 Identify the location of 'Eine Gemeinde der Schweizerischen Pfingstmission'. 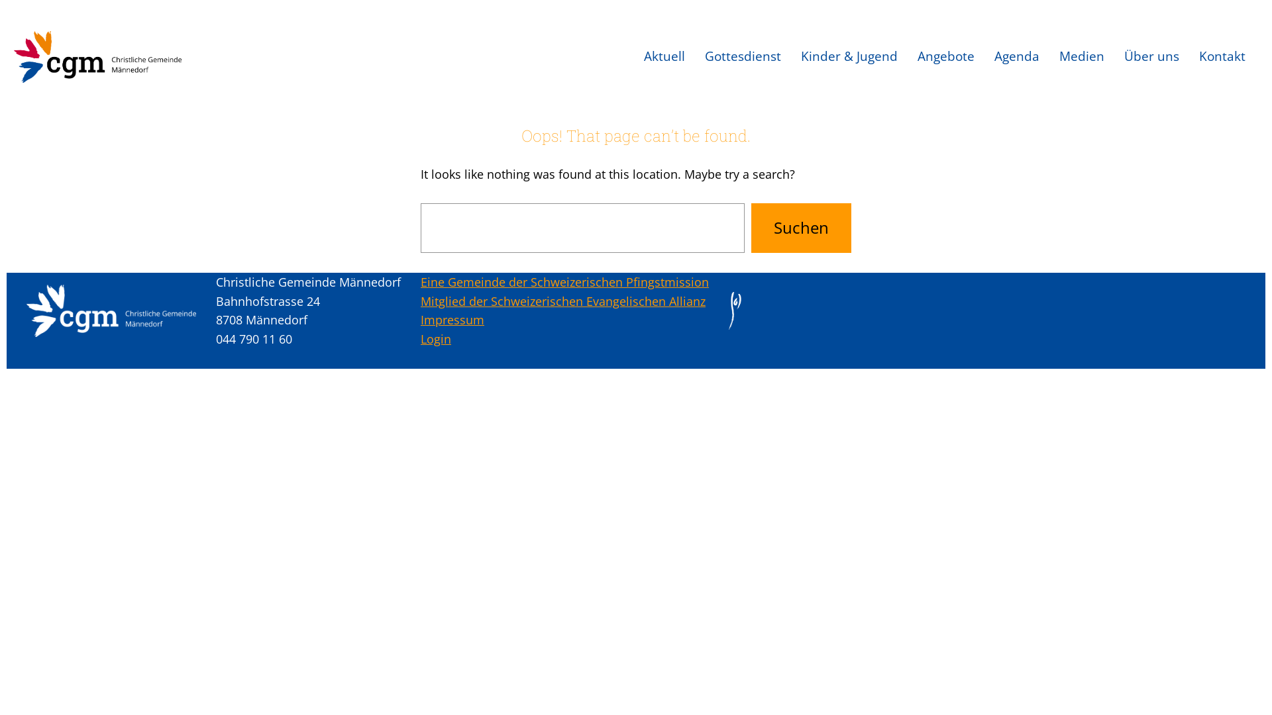
(564, 281).